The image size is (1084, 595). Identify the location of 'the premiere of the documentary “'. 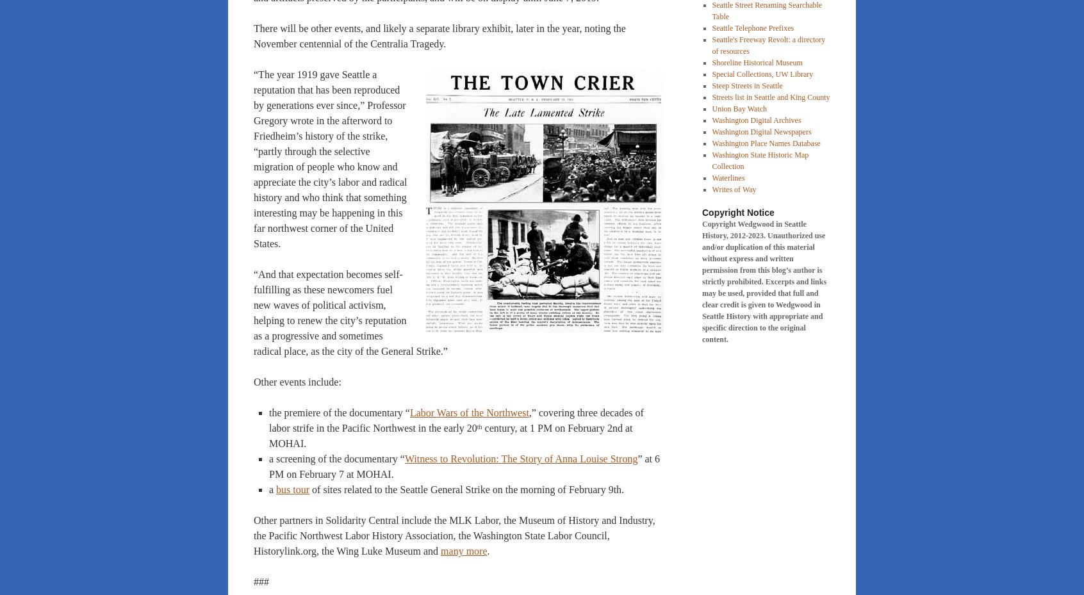
(339, 412).